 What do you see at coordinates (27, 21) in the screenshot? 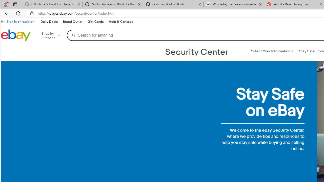
I see `'register'` at bounding box center [27, 21].